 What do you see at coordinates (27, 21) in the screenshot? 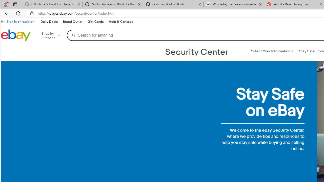
I see `'register'` at bounding box center [27, 21].